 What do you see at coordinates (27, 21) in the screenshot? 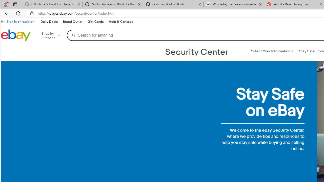
I see `'register'` at bounding box center [27, 21].